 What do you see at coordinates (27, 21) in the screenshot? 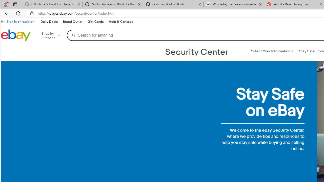
I see `'register'` at bounding box center [27, 21].